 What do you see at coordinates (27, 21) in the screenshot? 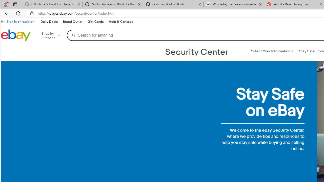
I see `'register'` at bounding box center [27, 21].